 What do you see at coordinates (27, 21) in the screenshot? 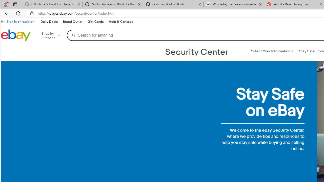
I see `'register'` at bounding box center [27, 21].